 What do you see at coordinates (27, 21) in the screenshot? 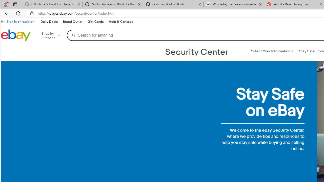
I see `'register'` at bounding box center [27, 21].